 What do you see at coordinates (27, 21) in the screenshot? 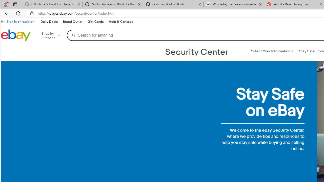
I see `'register'` at bounding box center [27, 21].